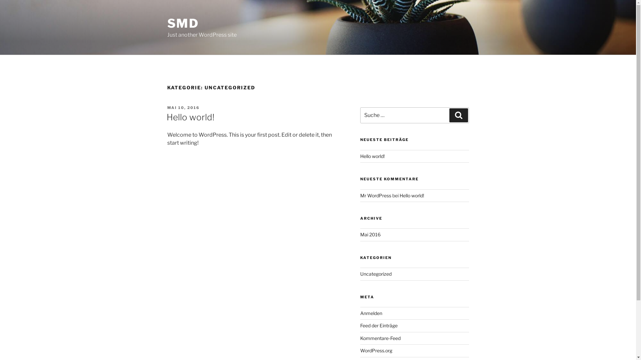 This screenshot has height=360, width=641. I want to click on 'Kommentare-Feed', so click(360, 338).